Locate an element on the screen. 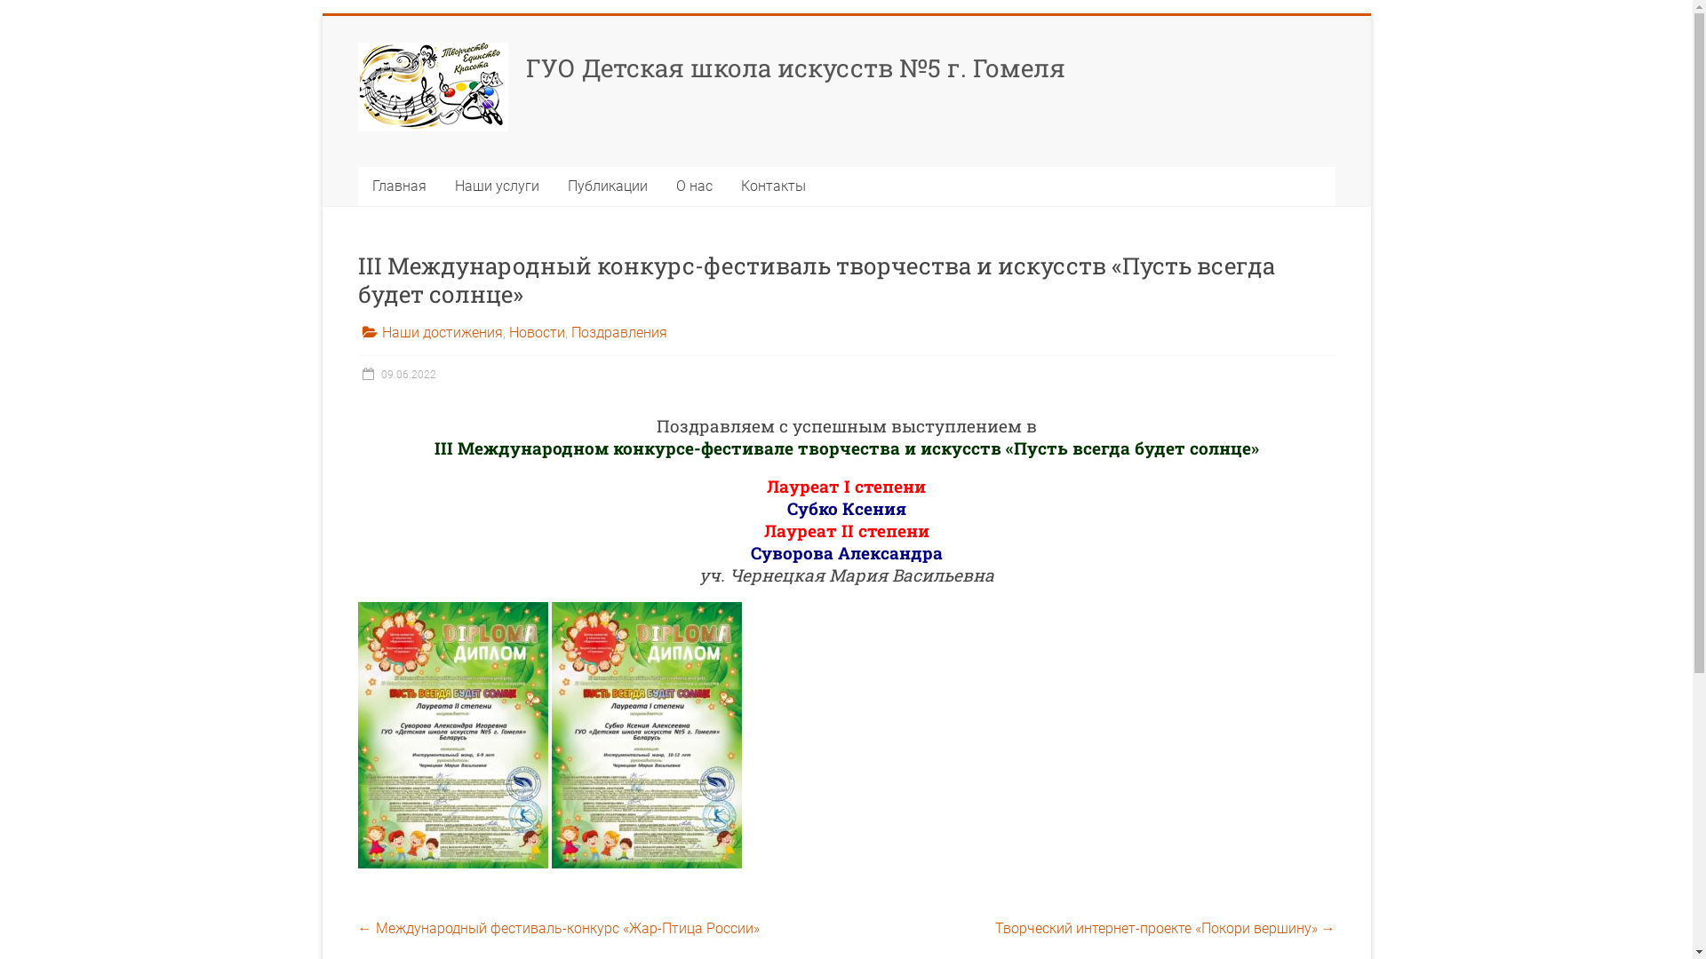  '09.06.2022' is located at coordinates (395, 373).